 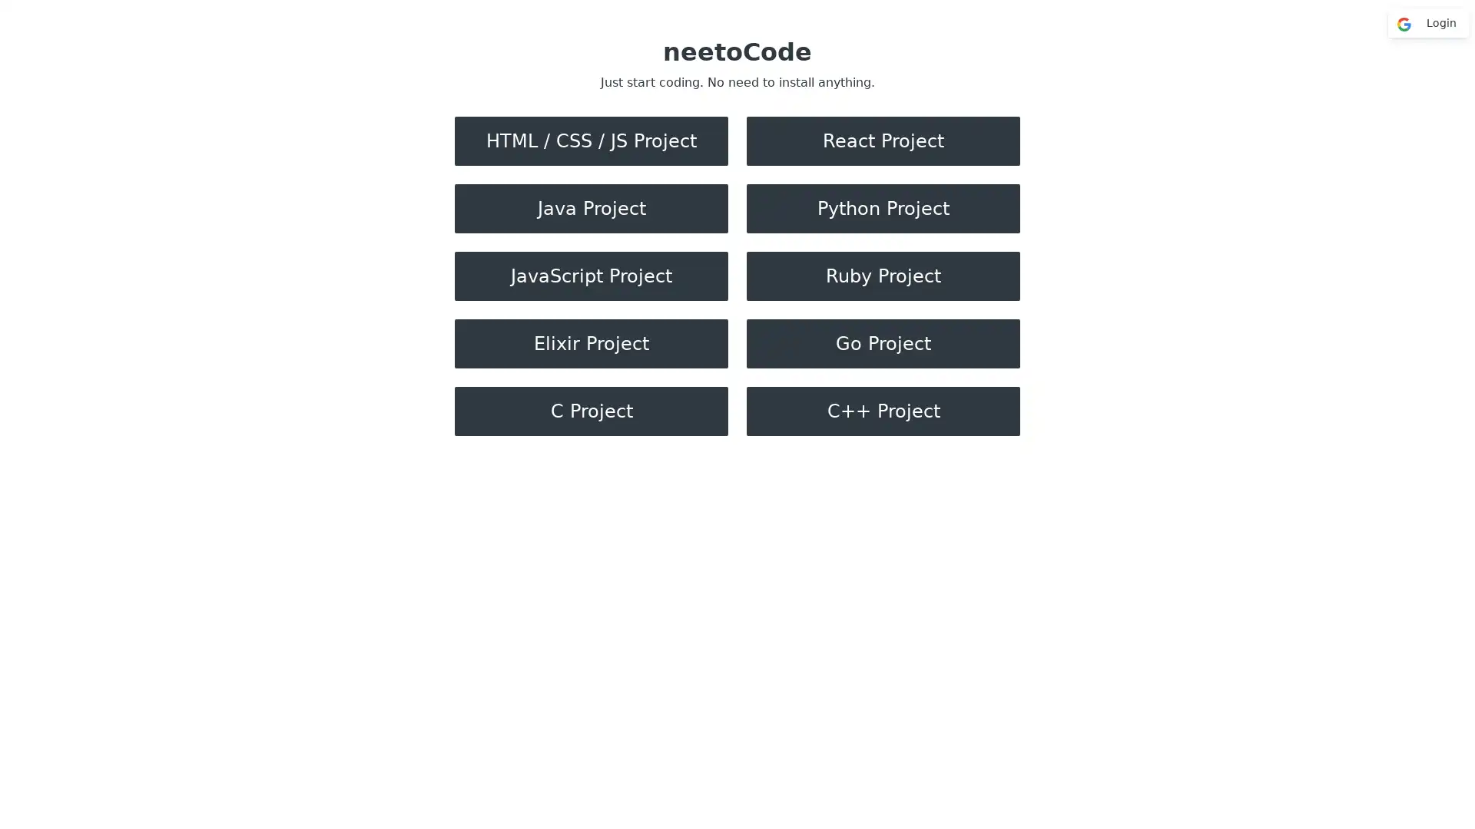 I want to click on C Project, so click(x=590, y=411).